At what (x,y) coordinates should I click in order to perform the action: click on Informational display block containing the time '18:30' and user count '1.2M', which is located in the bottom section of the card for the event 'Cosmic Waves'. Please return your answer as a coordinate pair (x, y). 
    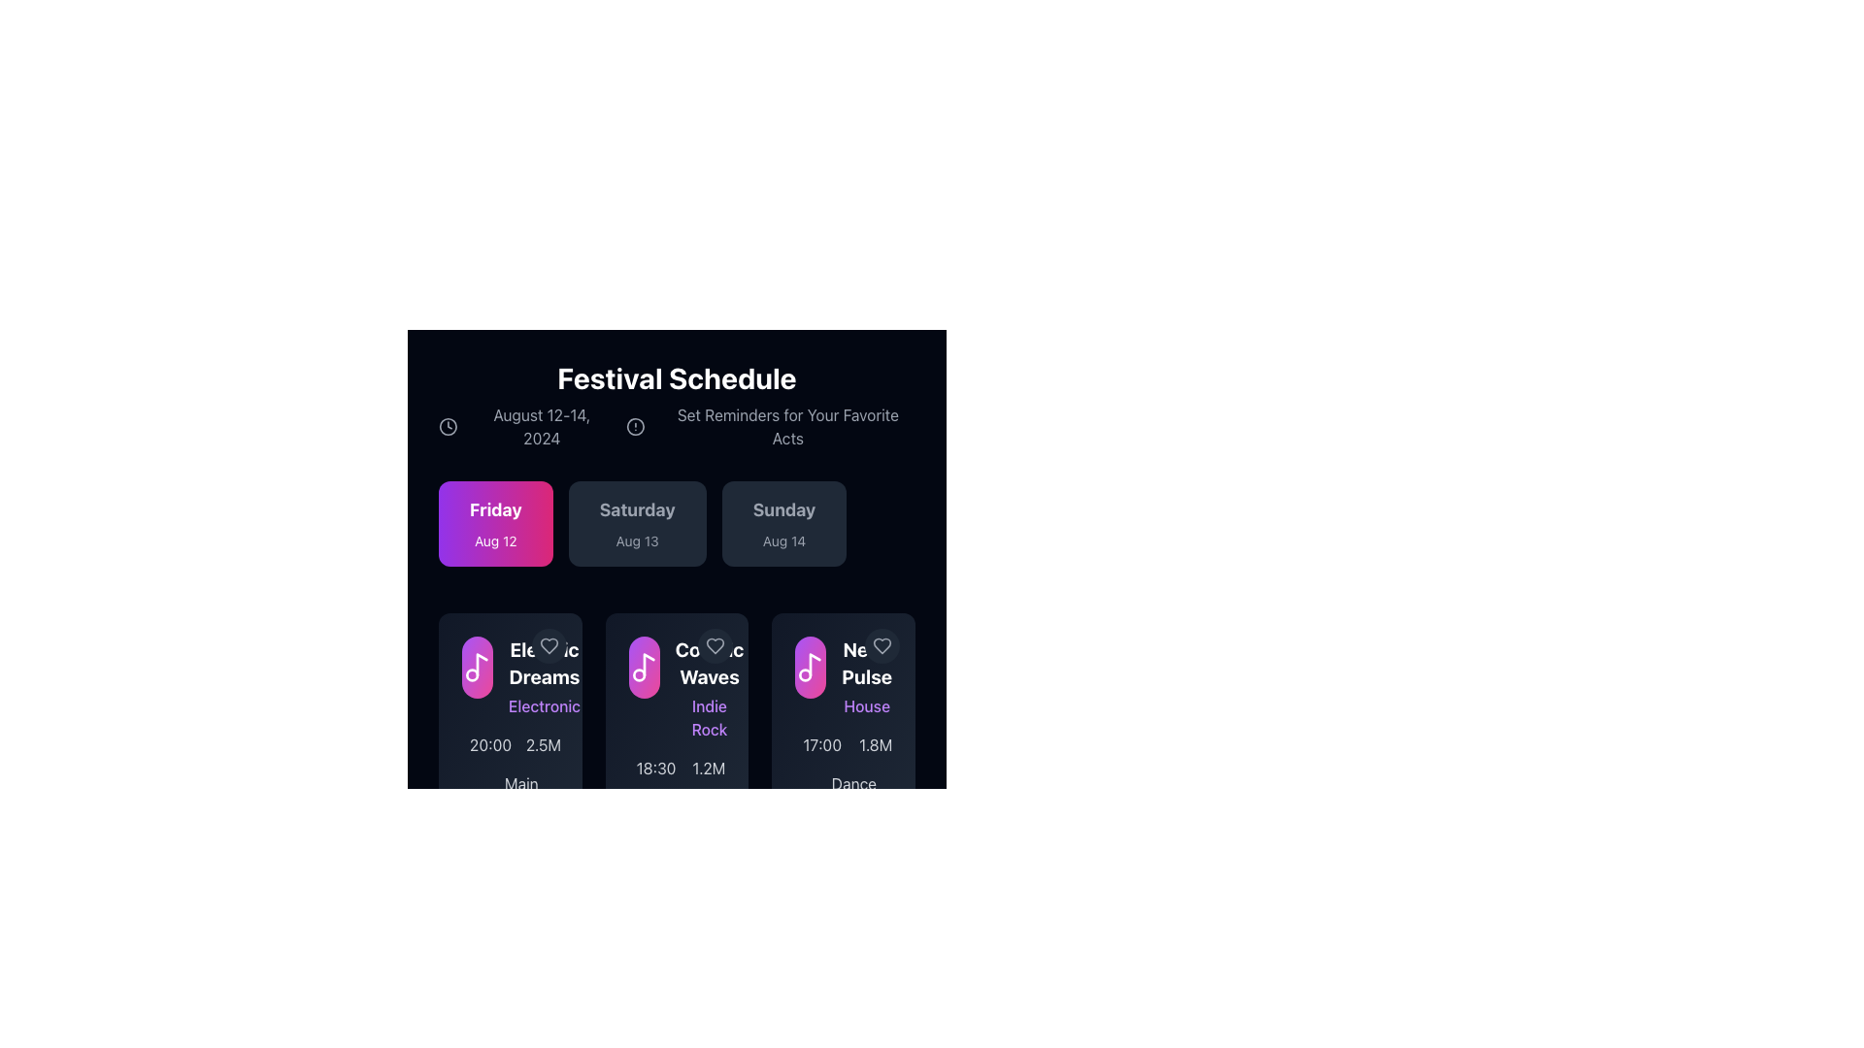
    Looking at the image, I should click on (677, 767).